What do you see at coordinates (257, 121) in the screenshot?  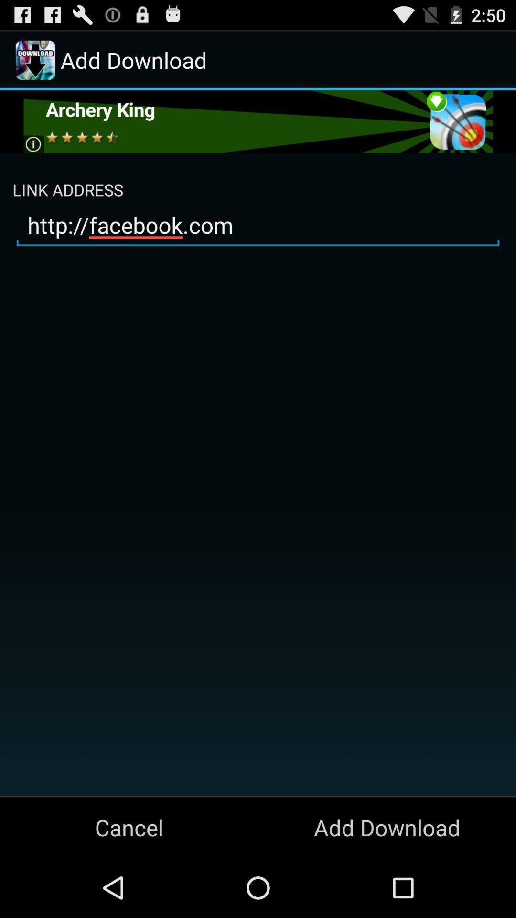 I see `banner advertisement` at bounding box center [257, 121].